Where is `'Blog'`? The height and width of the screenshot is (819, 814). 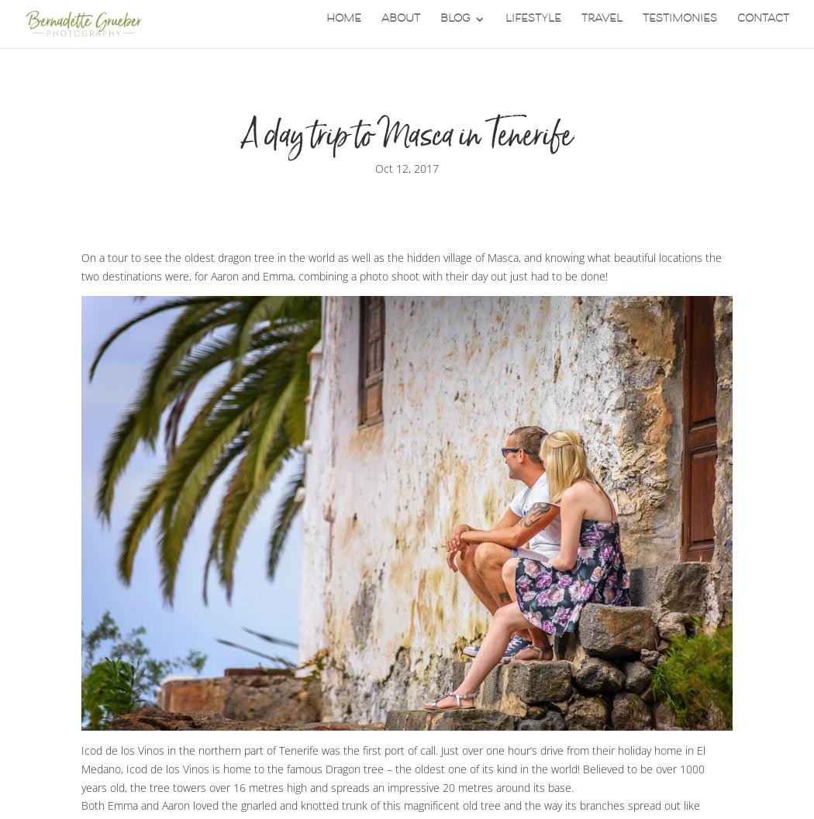
'Blog' is located at coordinates (440, 28).